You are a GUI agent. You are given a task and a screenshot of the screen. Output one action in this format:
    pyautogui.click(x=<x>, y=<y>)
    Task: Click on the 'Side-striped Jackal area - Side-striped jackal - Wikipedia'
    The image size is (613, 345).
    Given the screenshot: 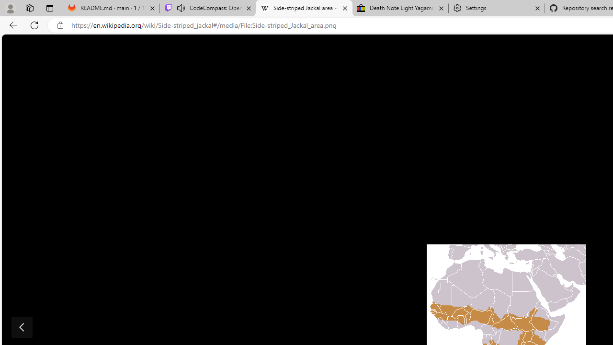 What is the action you would take?
    pyautogui.click(x=303, y=8)
    